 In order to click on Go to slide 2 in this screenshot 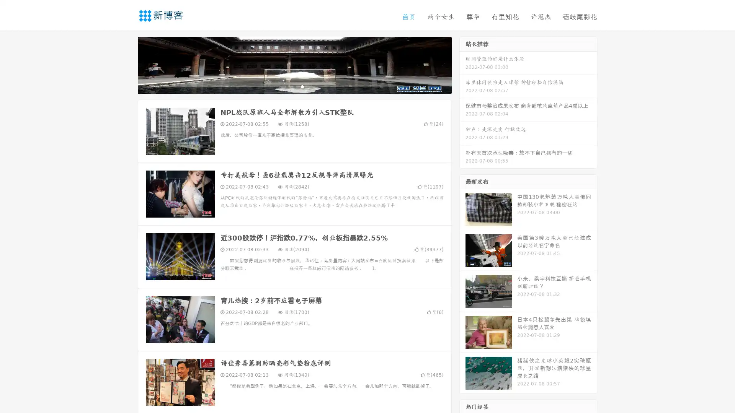, I will do `click(294, 86)`.